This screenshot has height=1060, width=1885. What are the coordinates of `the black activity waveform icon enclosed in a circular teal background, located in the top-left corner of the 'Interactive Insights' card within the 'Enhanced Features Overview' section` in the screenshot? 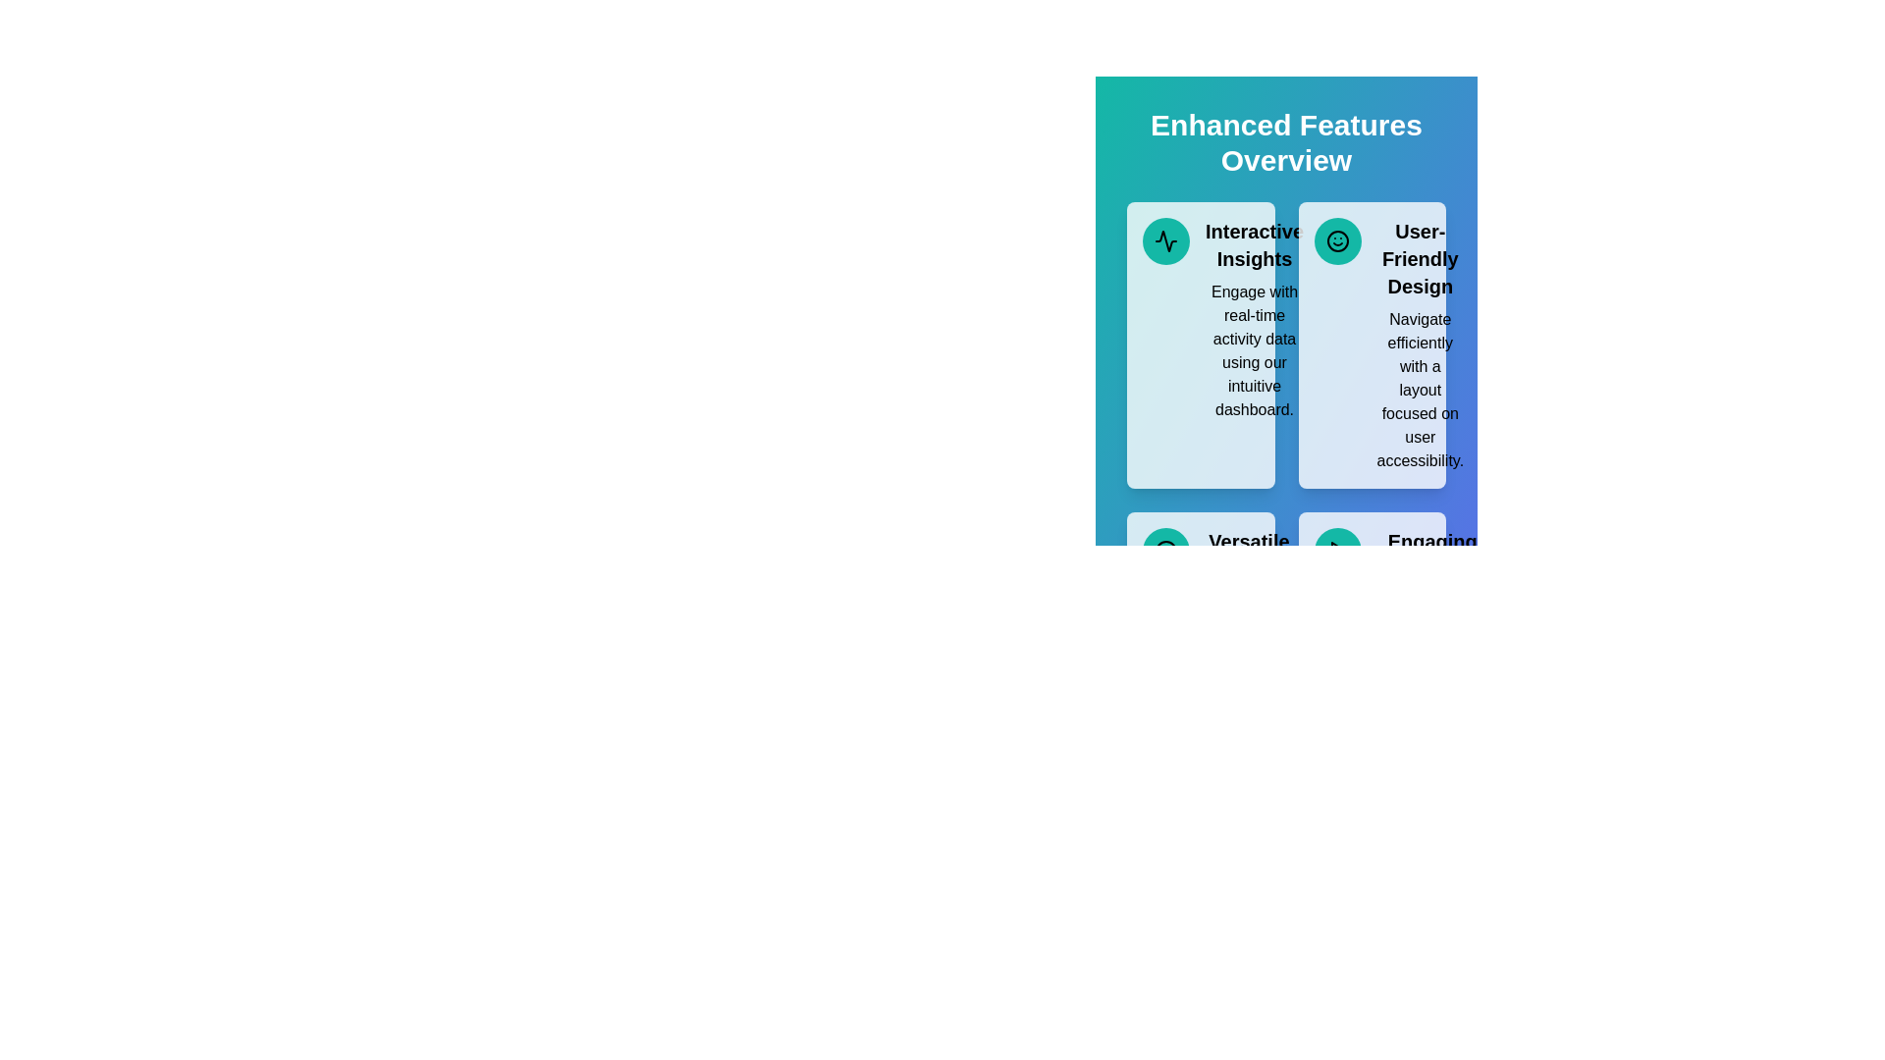 It's located at (1166, 240).